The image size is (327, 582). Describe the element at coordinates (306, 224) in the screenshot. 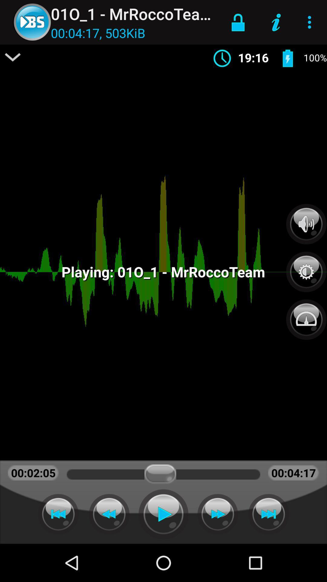

I see `adjust sound` at that location.